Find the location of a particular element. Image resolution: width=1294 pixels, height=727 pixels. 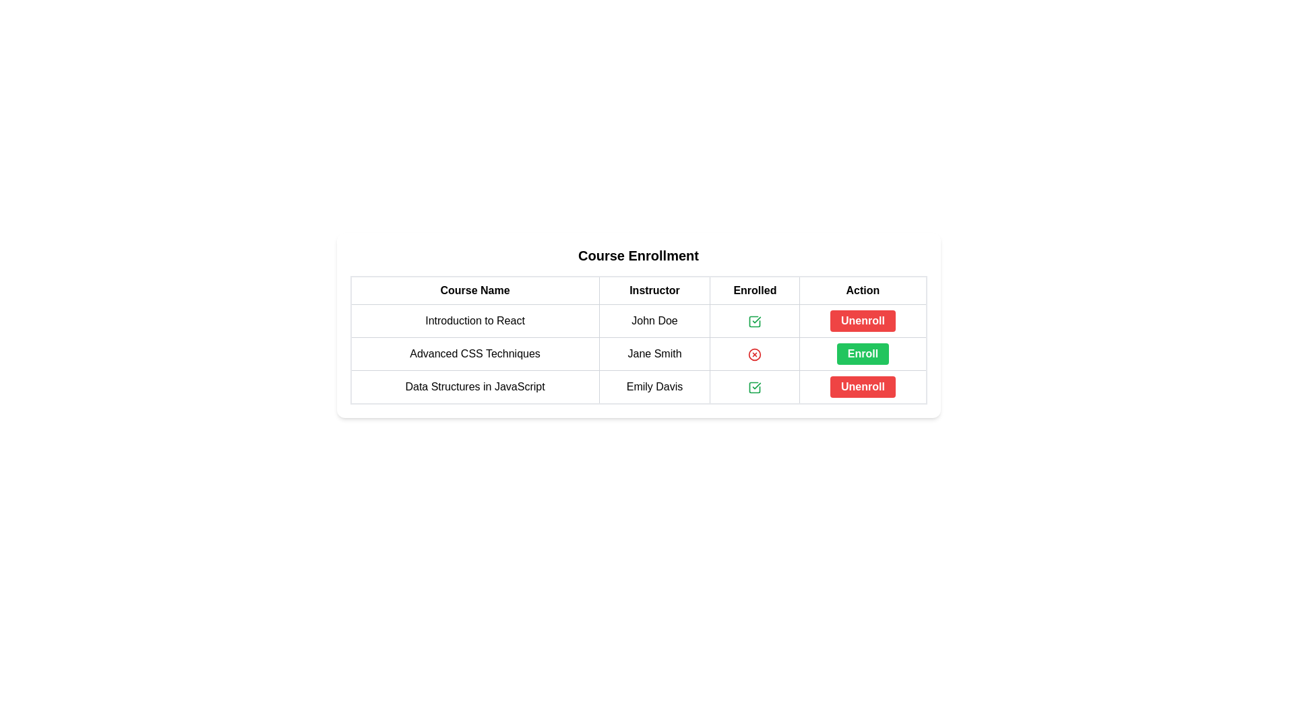

the 'Unenroll' button, which is a rounded rectangular button with a red background and white text, located in the 'Action' column of the course enrollment table for the 'Introduction to React' course is located at coordinates (863, 321).